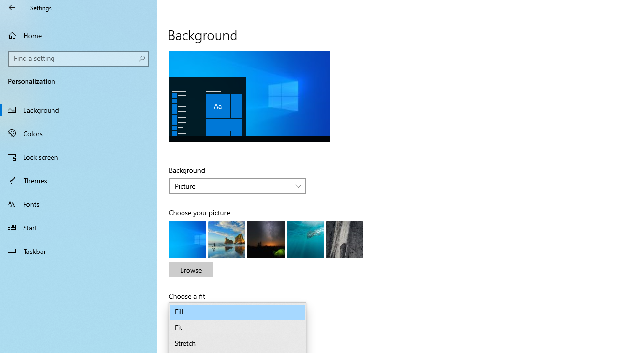 The width and height of the screenshot is (628, 353). I want to click on 'Picture', so click(232, 186).